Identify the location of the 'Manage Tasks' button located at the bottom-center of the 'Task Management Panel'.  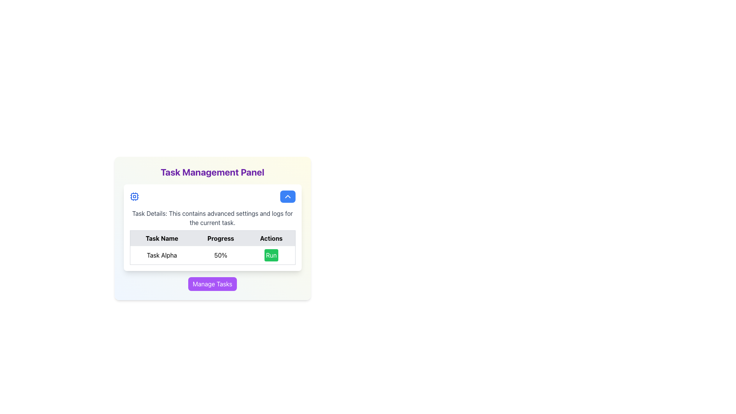
(212, 284).